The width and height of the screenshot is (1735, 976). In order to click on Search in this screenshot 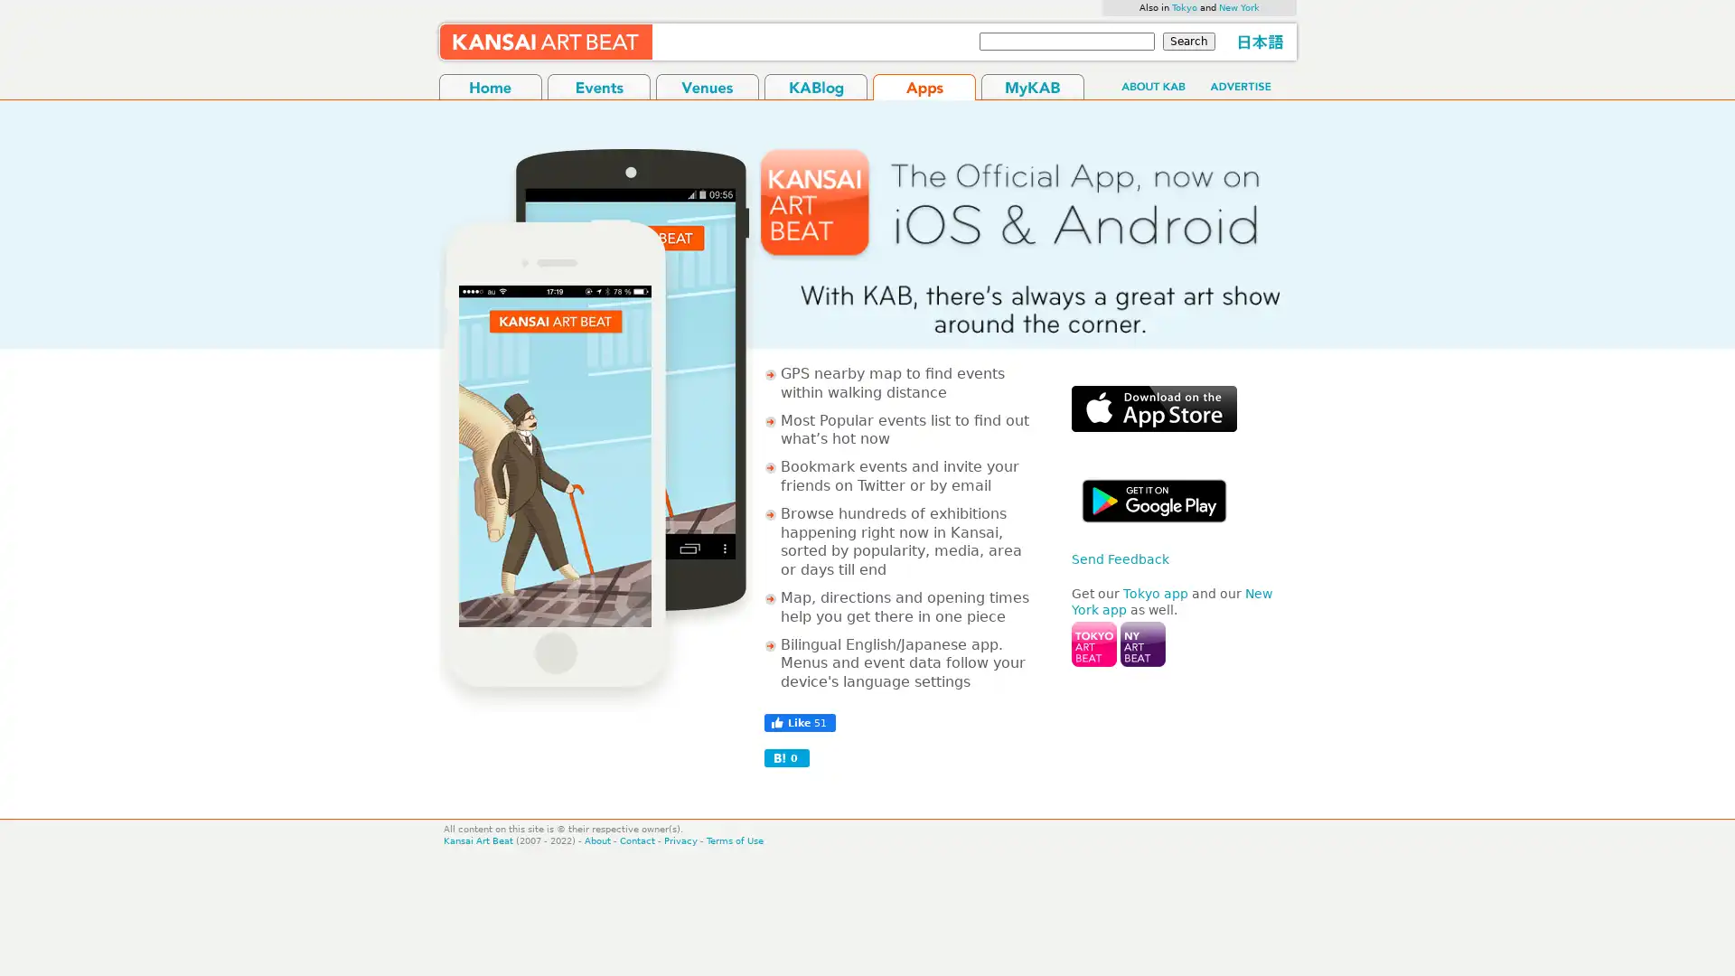, I will do `click(1188, 41)`.